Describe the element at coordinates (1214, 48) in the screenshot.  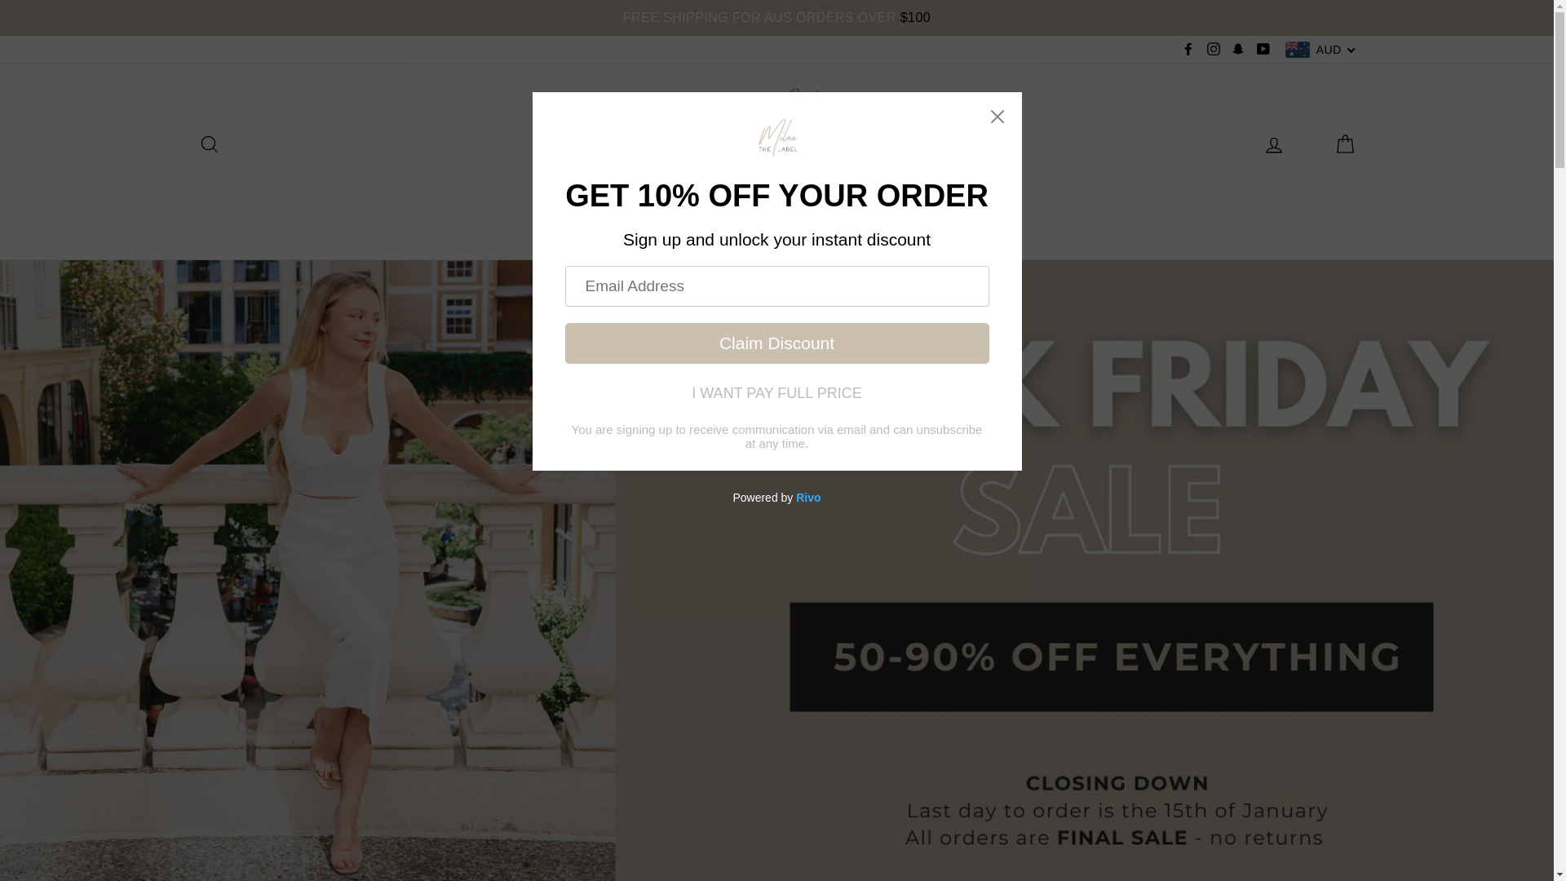
I see `'Instagram'` at that location.